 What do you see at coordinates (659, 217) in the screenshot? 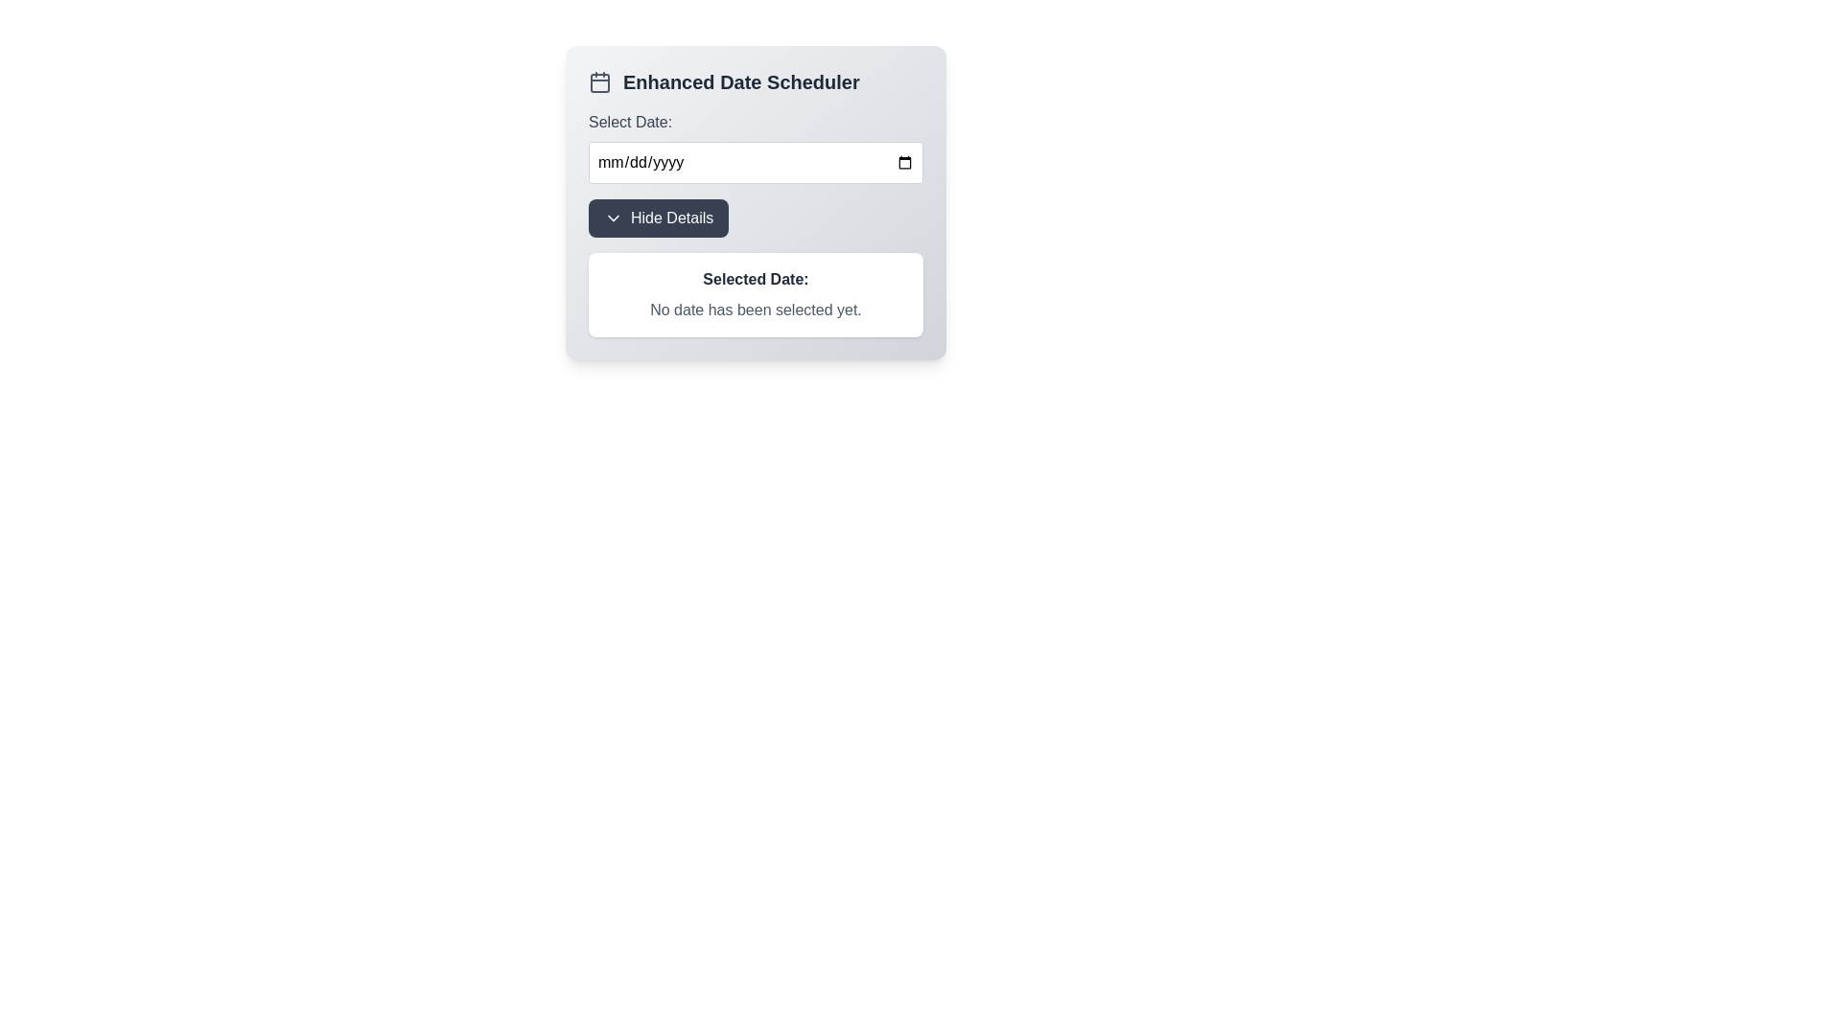
I see `the button that hides additional details in the 'Enhanced Date Scheduler' panel, positioned beneath the date input field` at bounding box center [659, 217].